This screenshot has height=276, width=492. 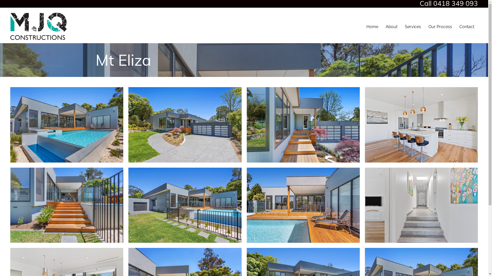 I want to click on 'Home', so click(x=372, y=27).